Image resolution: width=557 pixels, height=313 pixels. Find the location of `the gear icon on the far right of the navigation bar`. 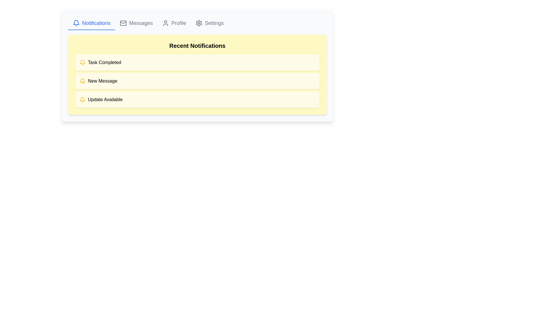

the gear icon on the far right of the navigation bar is located at coordinates (199, 23).